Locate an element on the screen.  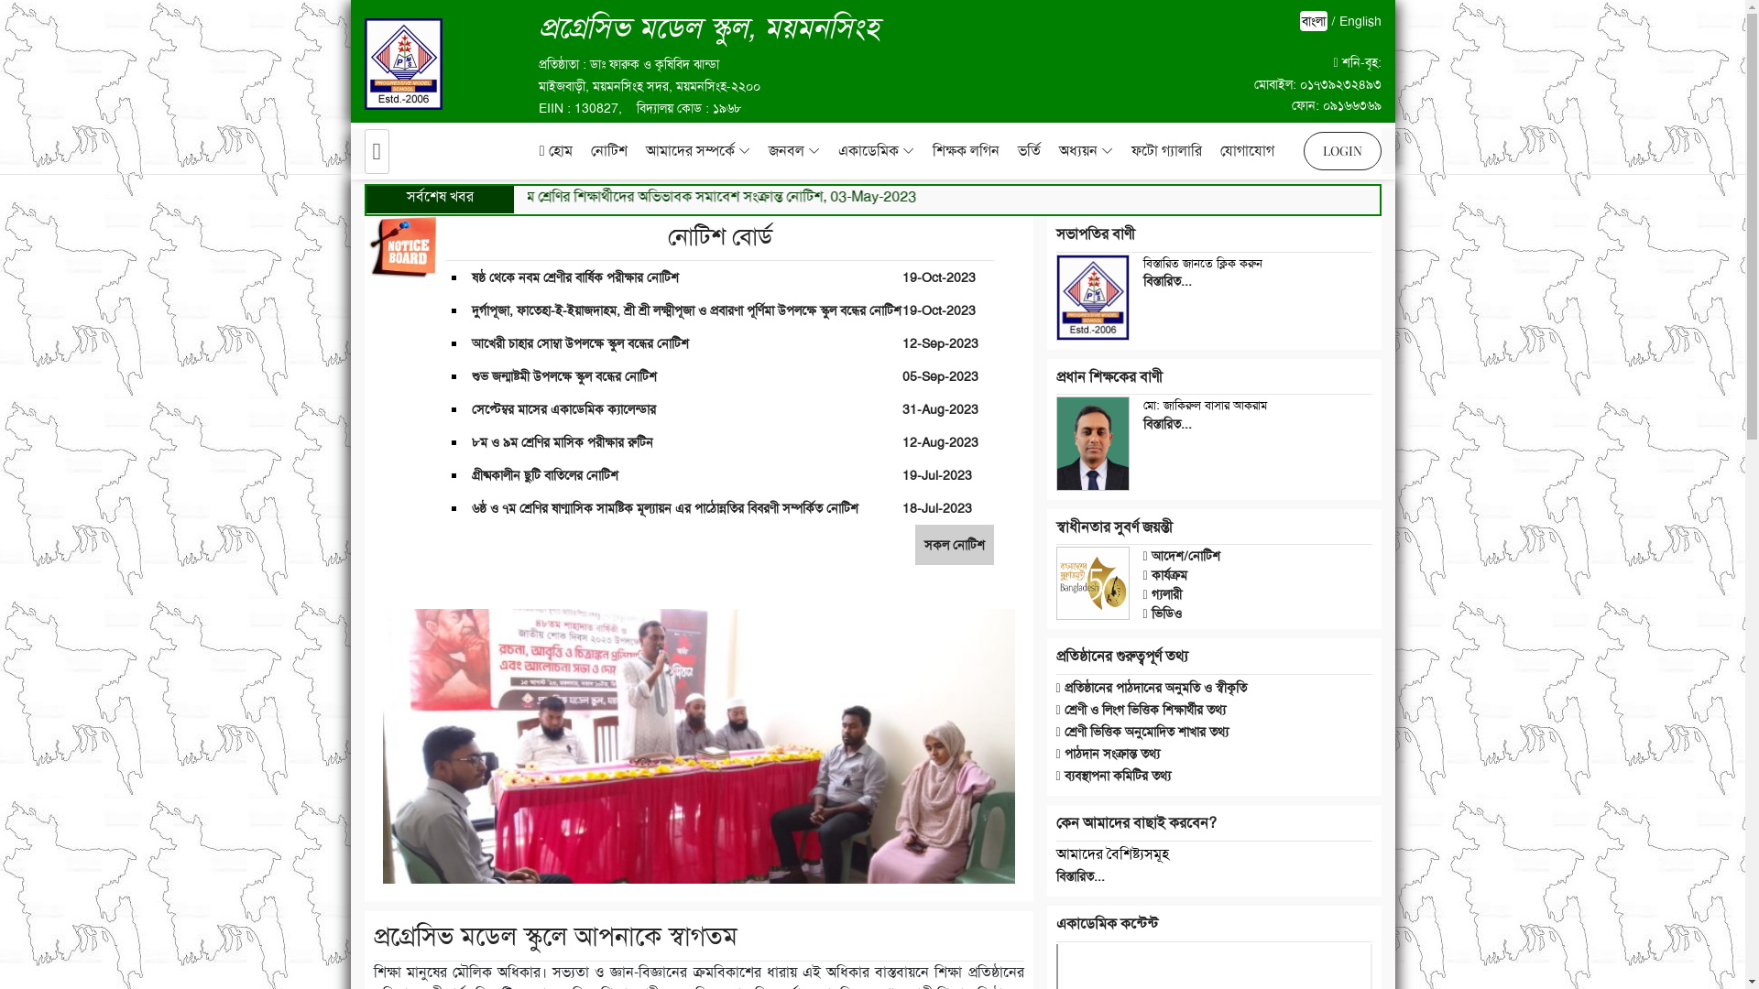
'31-Aug-2023' is located at coordinates (940, 408).